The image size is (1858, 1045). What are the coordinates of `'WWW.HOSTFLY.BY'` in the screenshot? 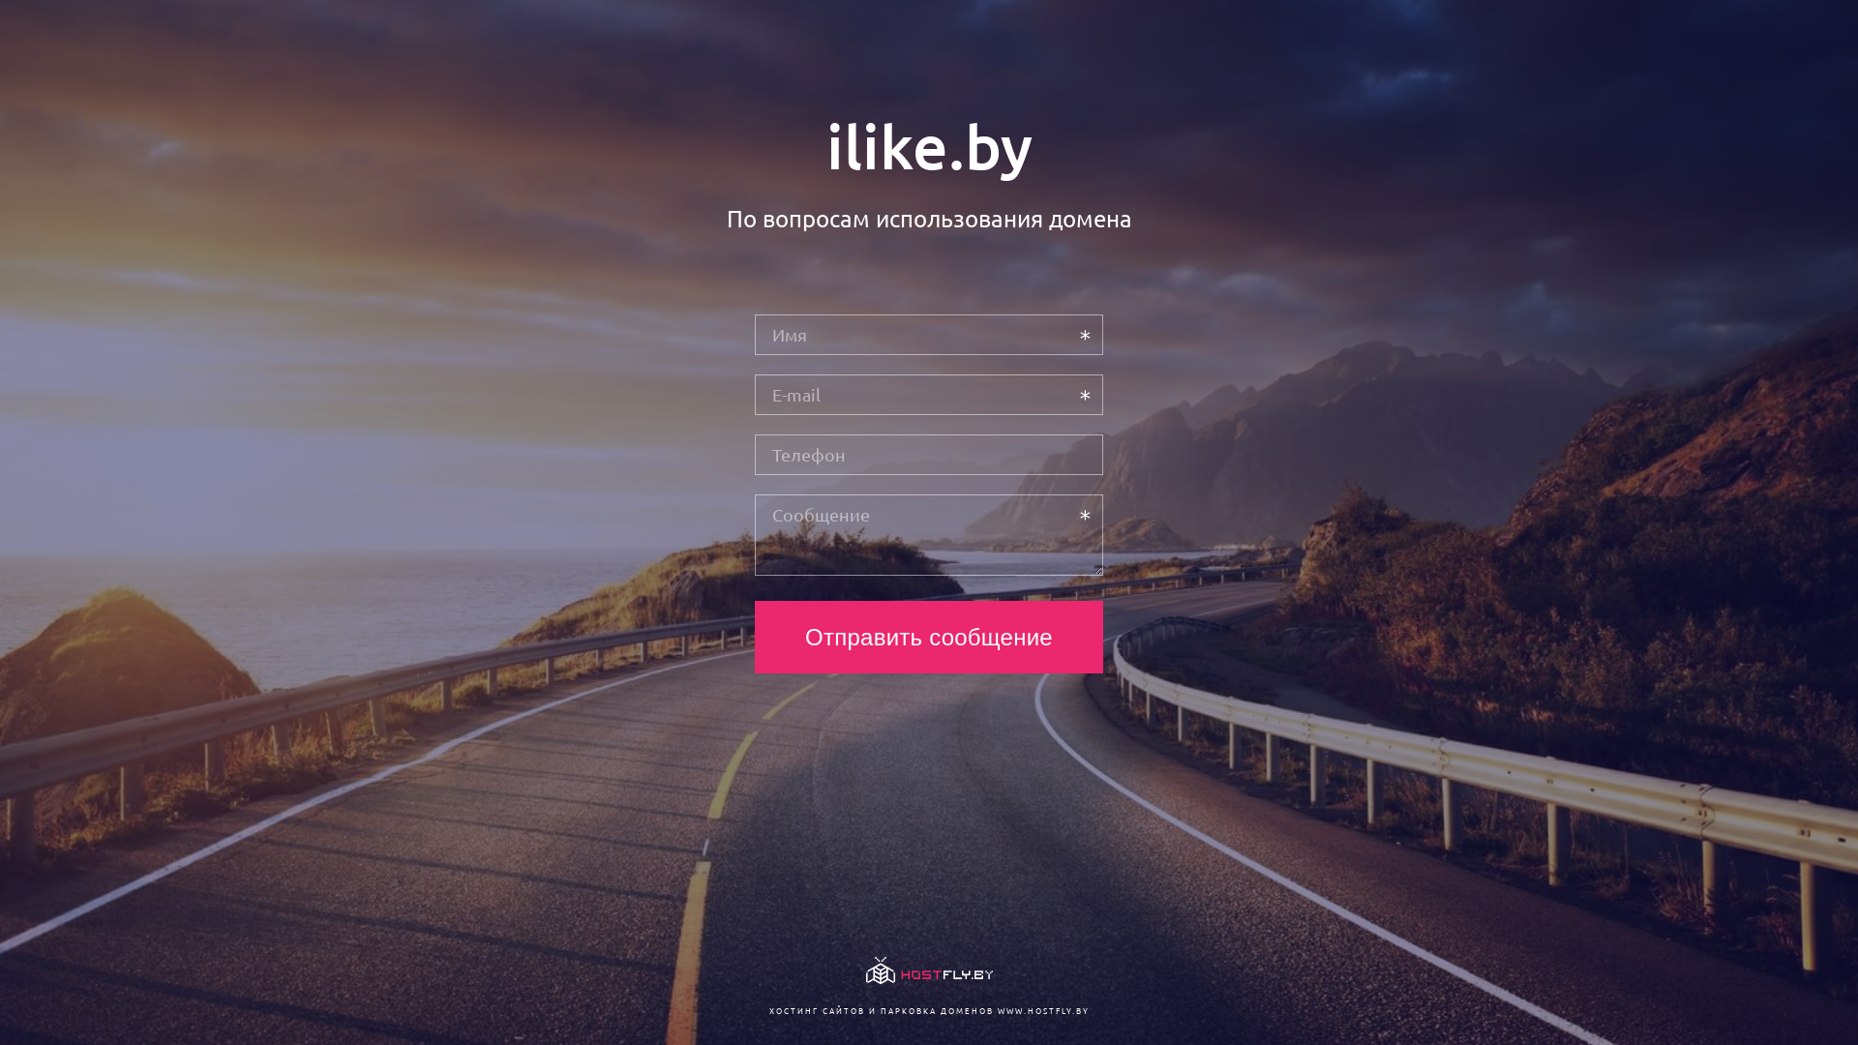 It's located at (1041, 1009).